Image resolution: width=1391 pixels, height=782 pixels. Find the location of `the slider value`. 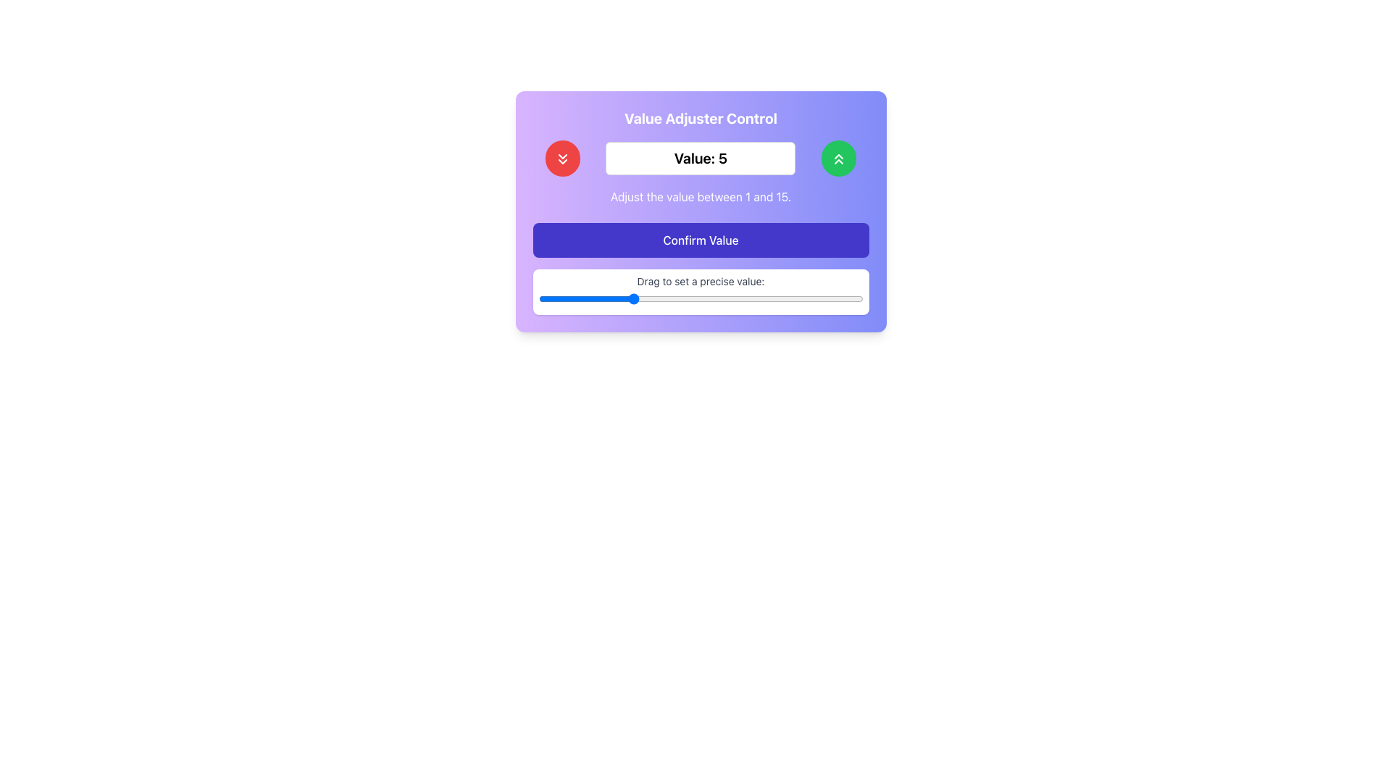

the slider value is located at coordinates (816, 298).